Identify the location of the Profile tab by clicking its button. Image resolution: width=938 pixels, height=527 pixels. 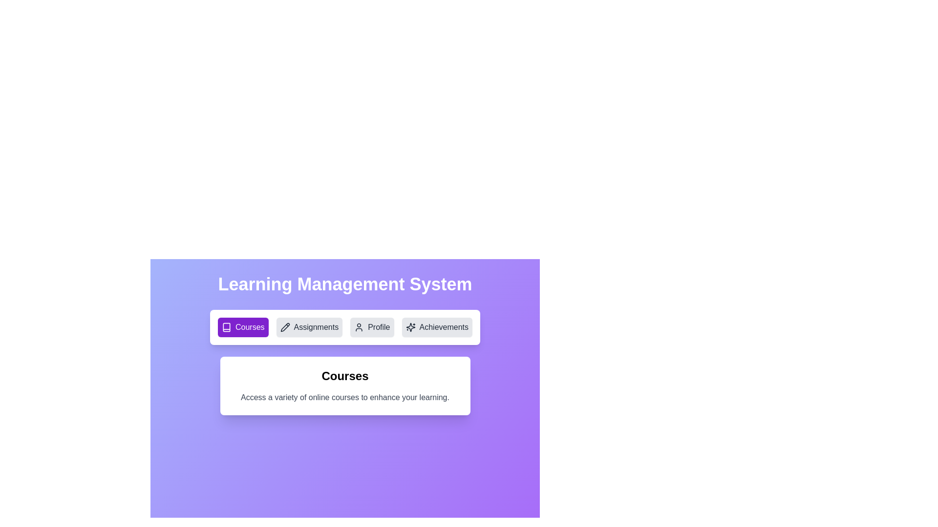
(371, 327).